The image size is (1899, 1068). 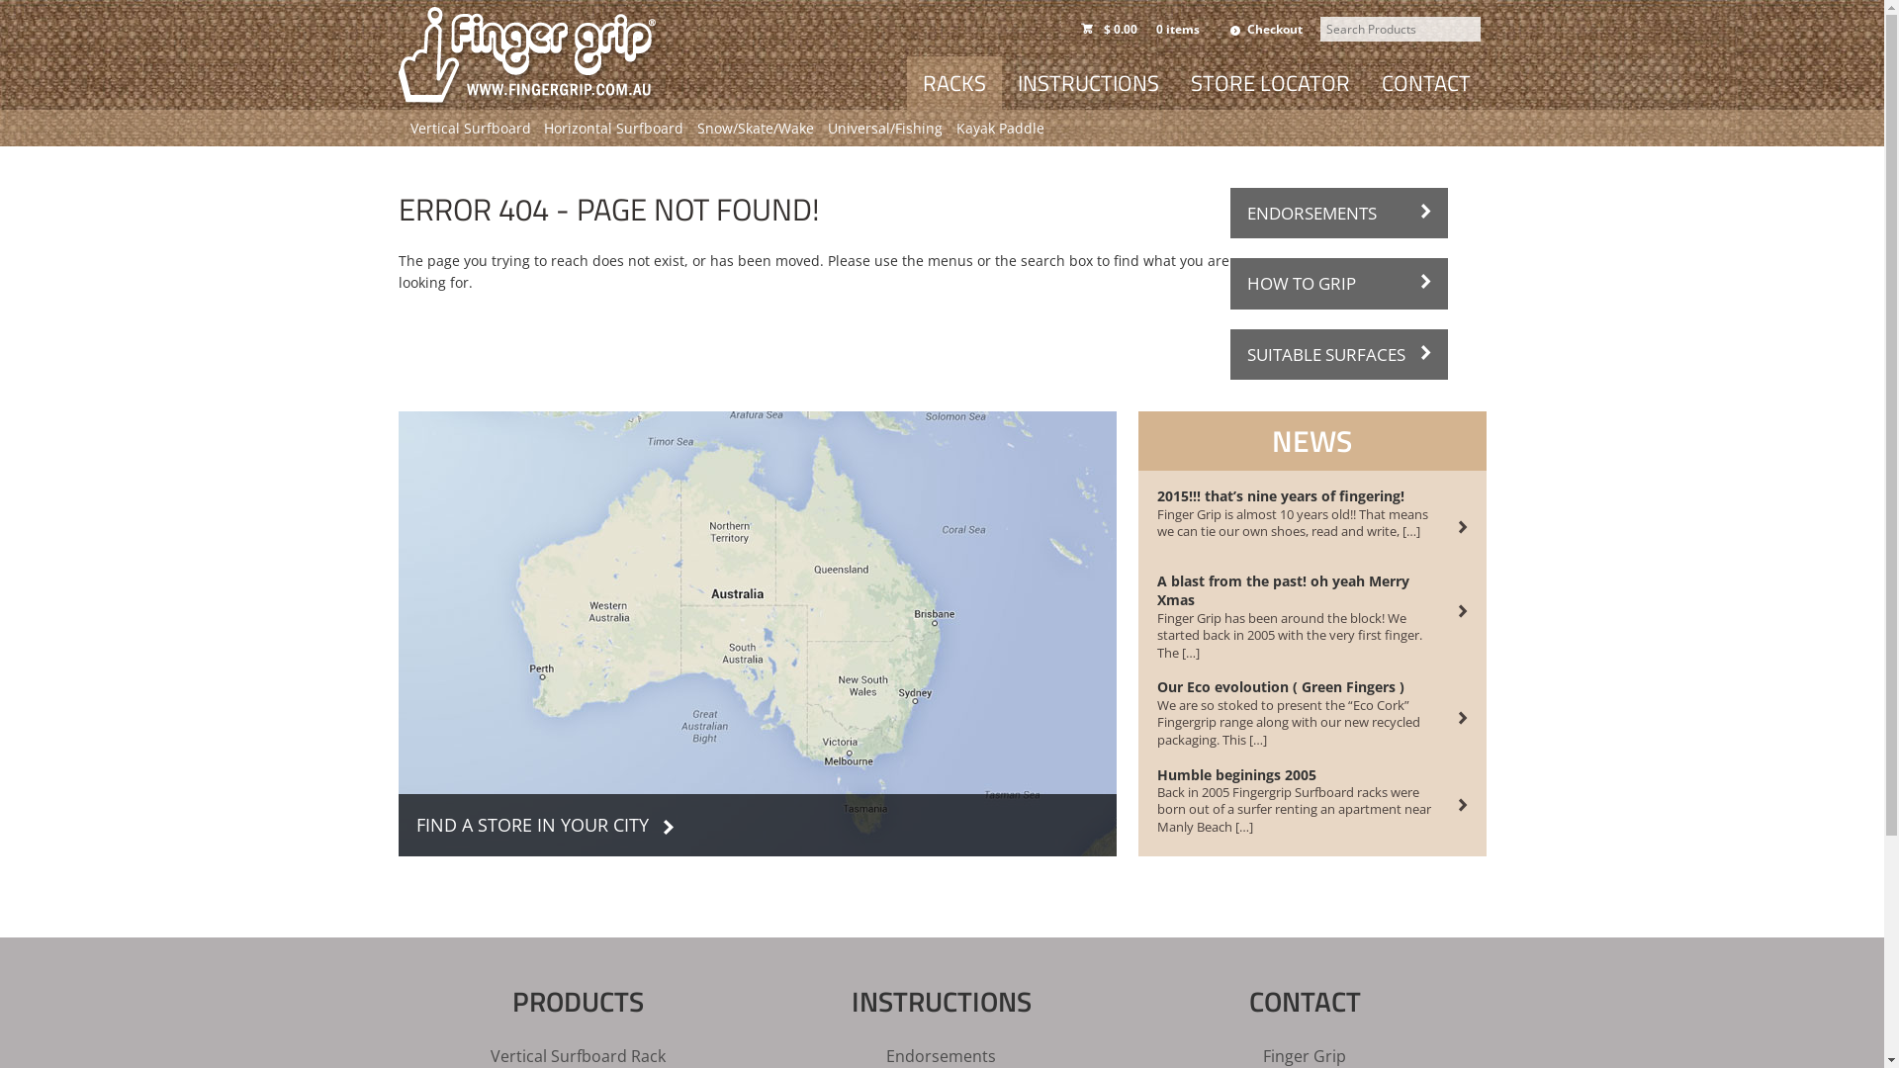 What do you see at coordinates (1266, 30) in the screenshot?
I see `'Checkout'` at bounding box center [1266, 30].